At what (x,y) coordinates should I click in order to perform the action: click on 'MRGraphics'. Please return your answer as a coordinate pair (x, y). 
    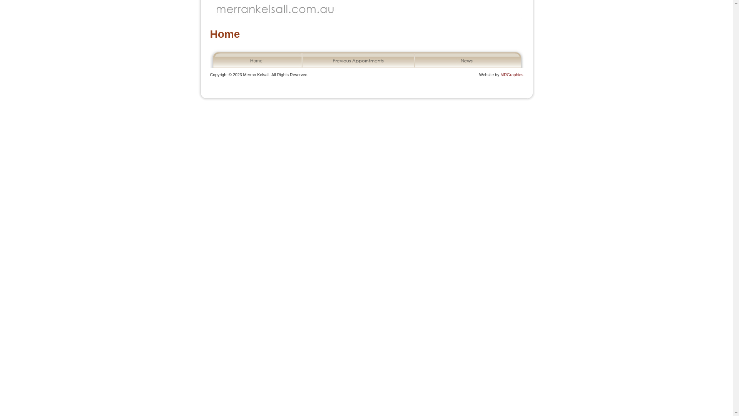
    Looking at the image, I should click on (500, 74).